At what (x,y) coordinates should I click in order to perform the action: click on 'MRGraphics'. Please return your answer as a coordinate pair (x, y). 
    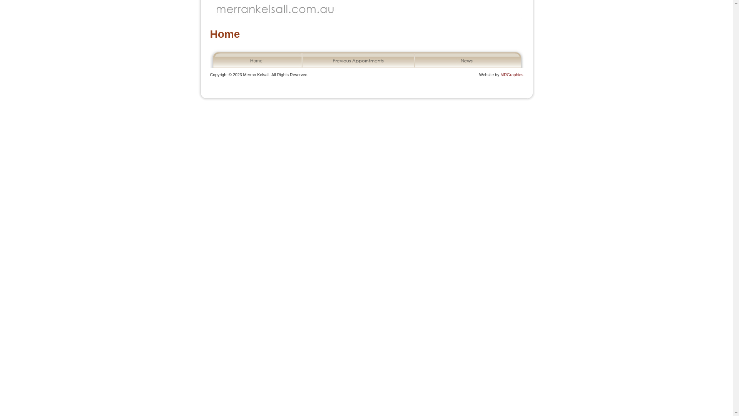
    Looking at the image, I should click on (500, 74).